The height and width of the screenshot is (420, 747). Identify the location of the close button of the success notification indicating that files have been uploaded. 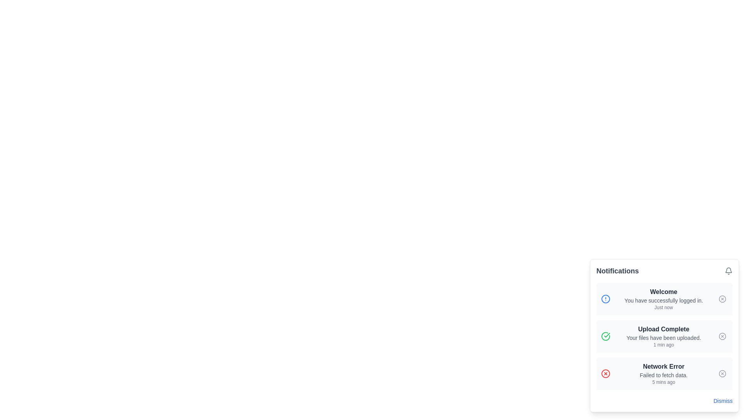
(664, 336).